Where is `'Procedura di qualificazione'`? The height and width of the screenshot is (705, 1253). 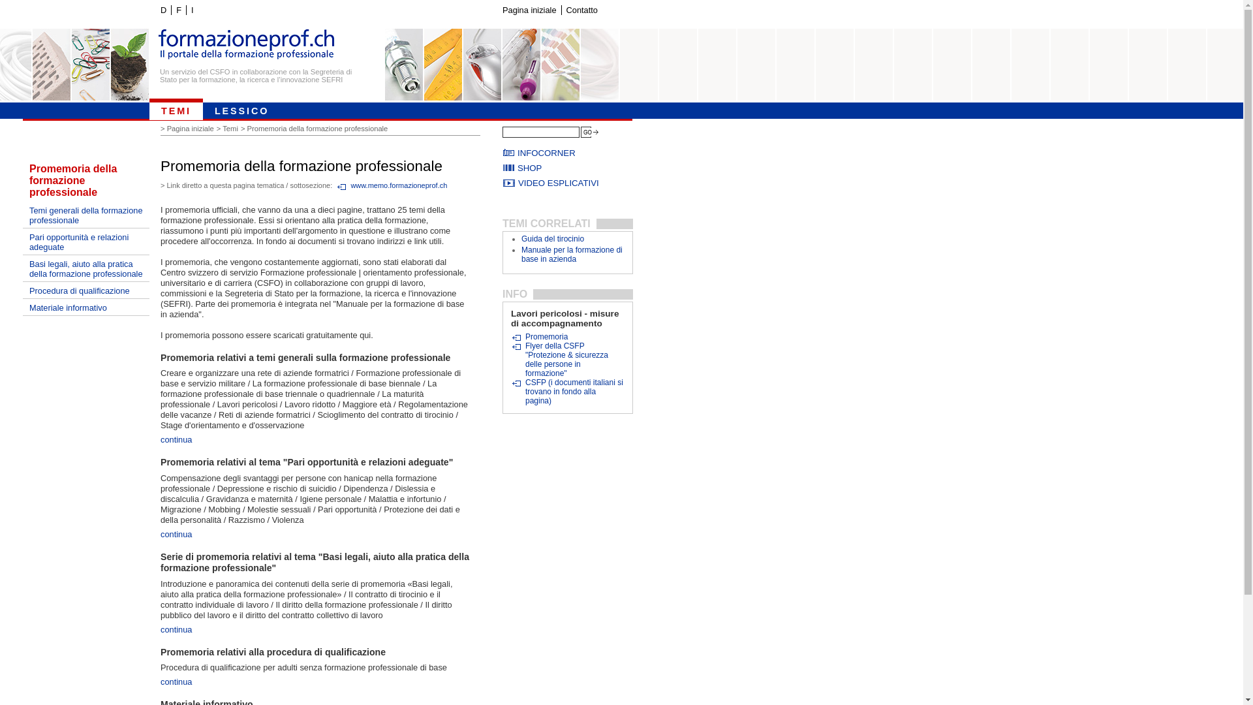
'Procedura di qualificazione' is located at coordinates (85, 289).